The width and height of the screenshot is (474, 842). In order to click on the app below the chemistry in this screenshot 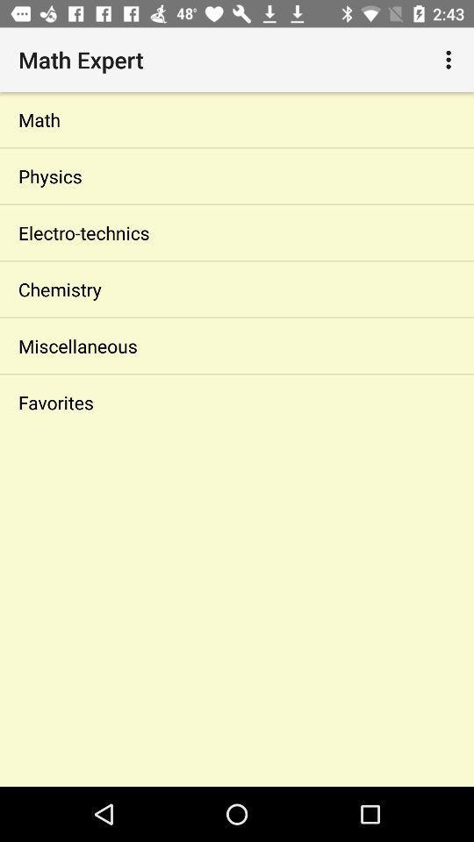, I will do `click(237, 345)`.